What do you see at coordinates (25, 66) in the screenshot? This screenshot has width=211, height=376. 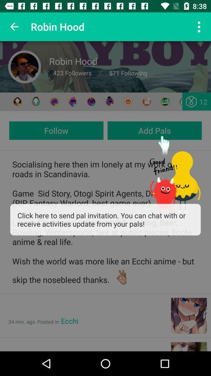 I see `profile picture` at bounding box center [25, 66].